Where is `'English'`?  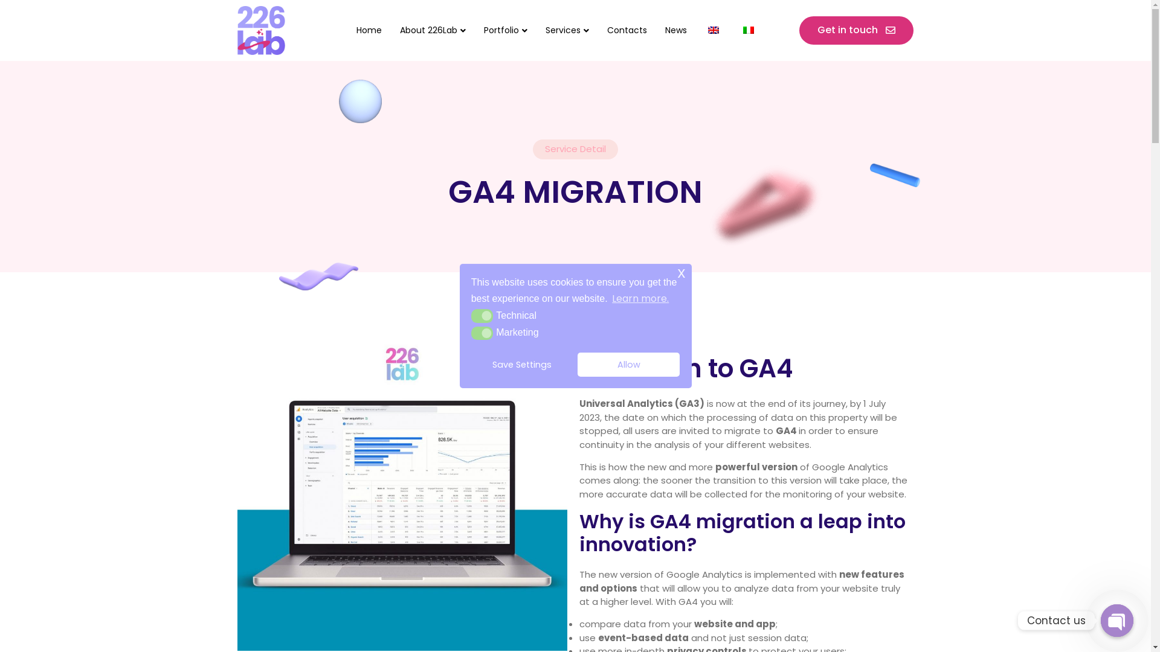
'English' is located at coordinates (707, 30).